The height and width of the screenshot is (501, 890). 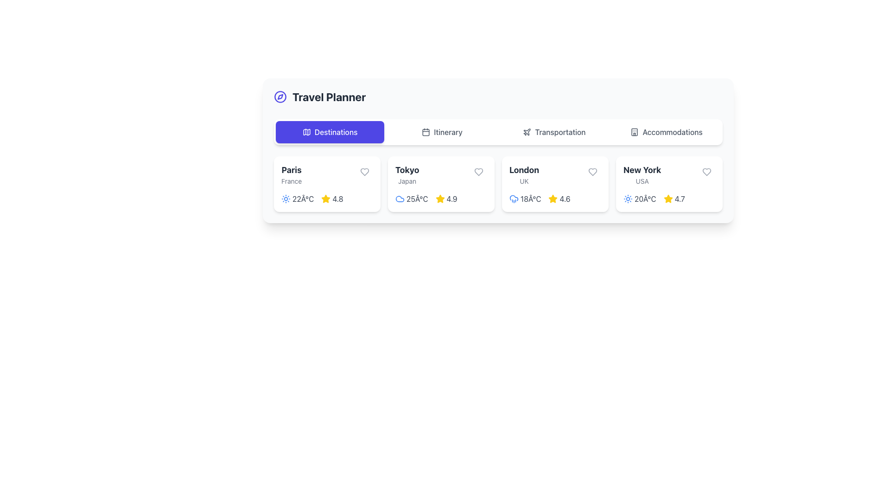 What do you see at coordinates (669, 198) in the screenshot?
I see `the informational display block that shows temperature and rating information for 'New York, USA', located in the bottom section of the card` at bounding box center [669, 198].